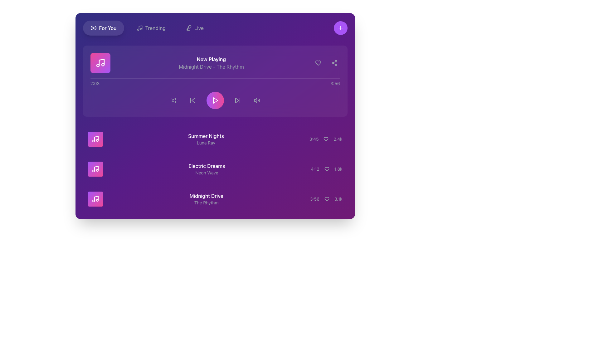  What do you see at coordinates (251, 78) in the screenshot?
I see `playback position` at bounding box center [251, 78].